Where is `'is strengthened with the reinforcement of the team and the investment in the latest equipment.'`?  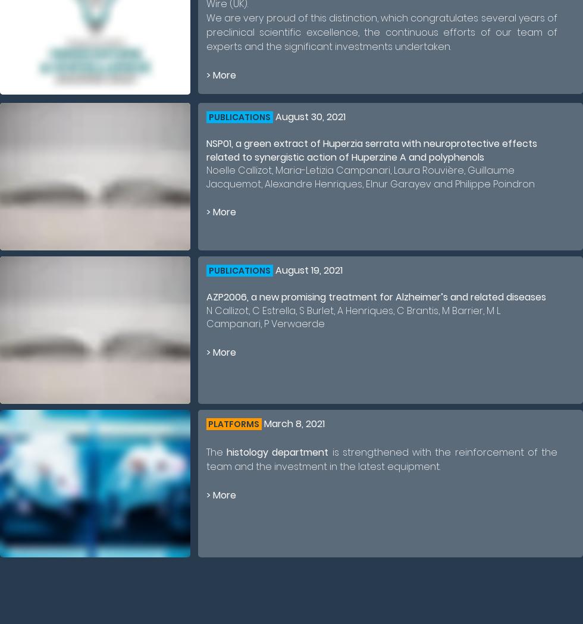 'is strengthened with the reinforcement of the team and the investment in the latest equipment.' is located at coordinates (381, 459).